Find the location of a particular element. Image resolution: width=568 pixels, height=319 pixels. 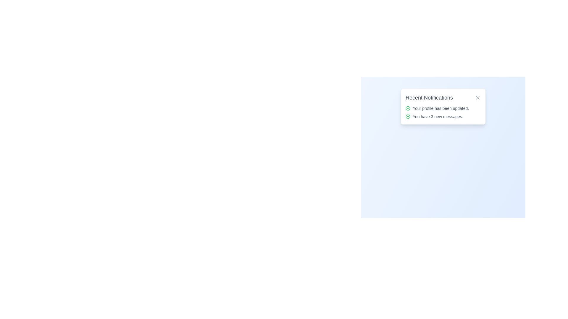

the first notification item in the 'Recent Notifications' section, which contains the message 'Your profile has been updated.' and a small green checkmark icon is located at coordinates (443, 108).